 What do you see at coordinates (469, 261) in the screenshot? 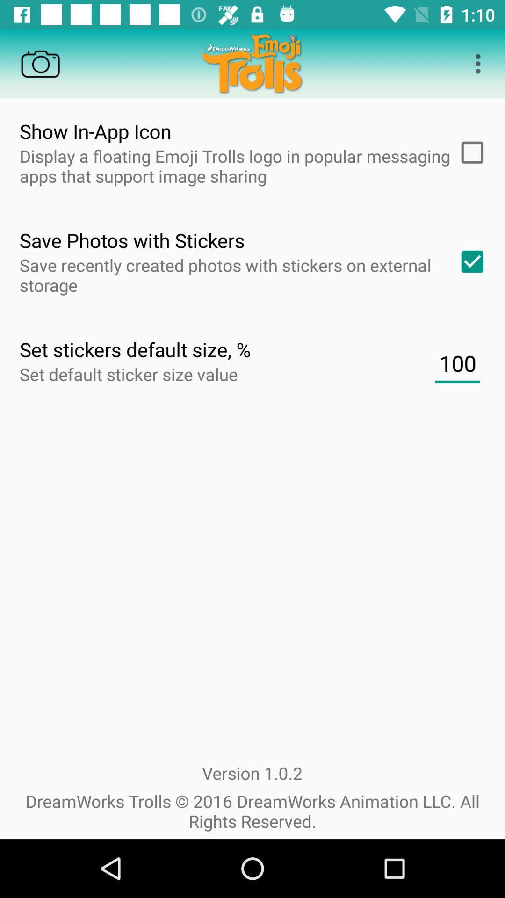
I see `the icon to the right of save recently created item` at bounding box center [469, 261].